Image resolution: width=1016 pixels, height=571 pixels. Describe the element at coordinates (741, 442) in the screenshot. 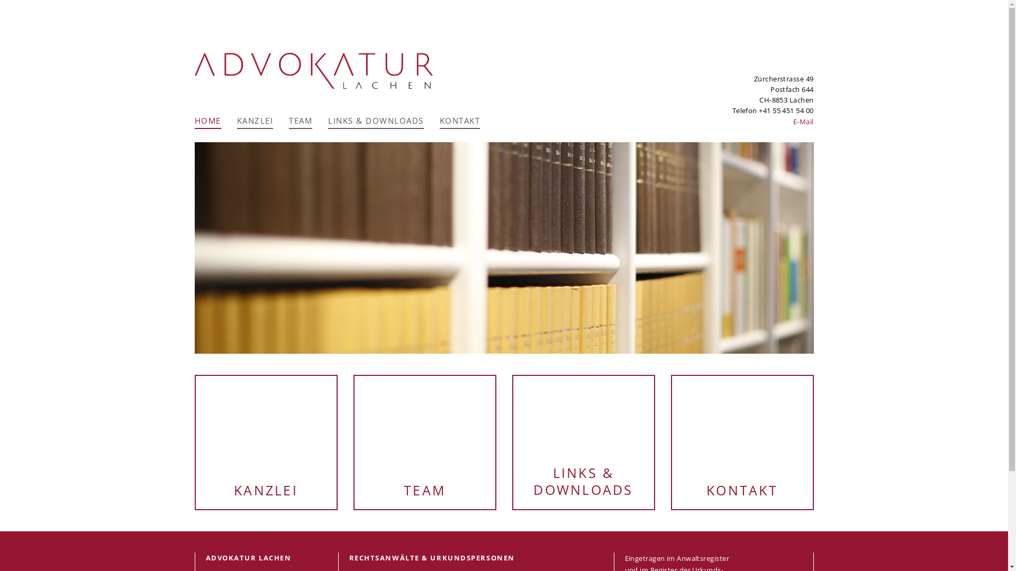

I see `'KONTAKT'` at that location.